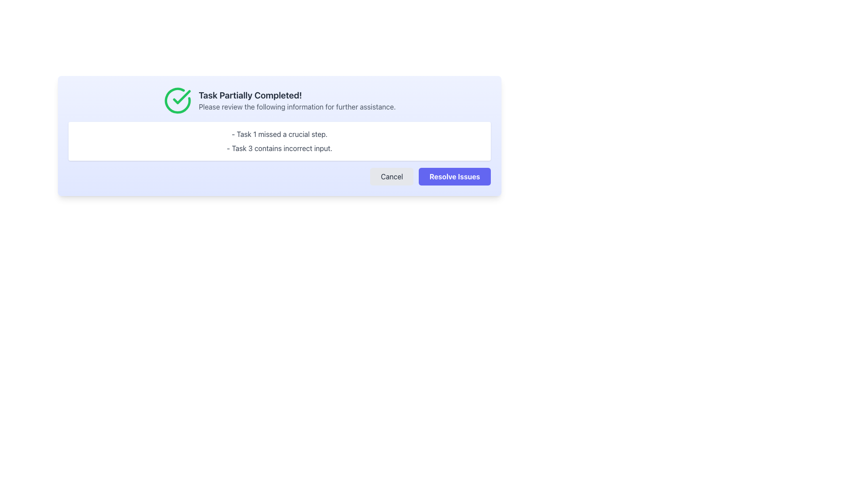 Image resolution: width=849 pixels, height=477 pixels. I want to click on prominent header text indicating the status of a partially completed task, located just to the right of the green check icon at the top left of the dialog box, so click(297, 95).